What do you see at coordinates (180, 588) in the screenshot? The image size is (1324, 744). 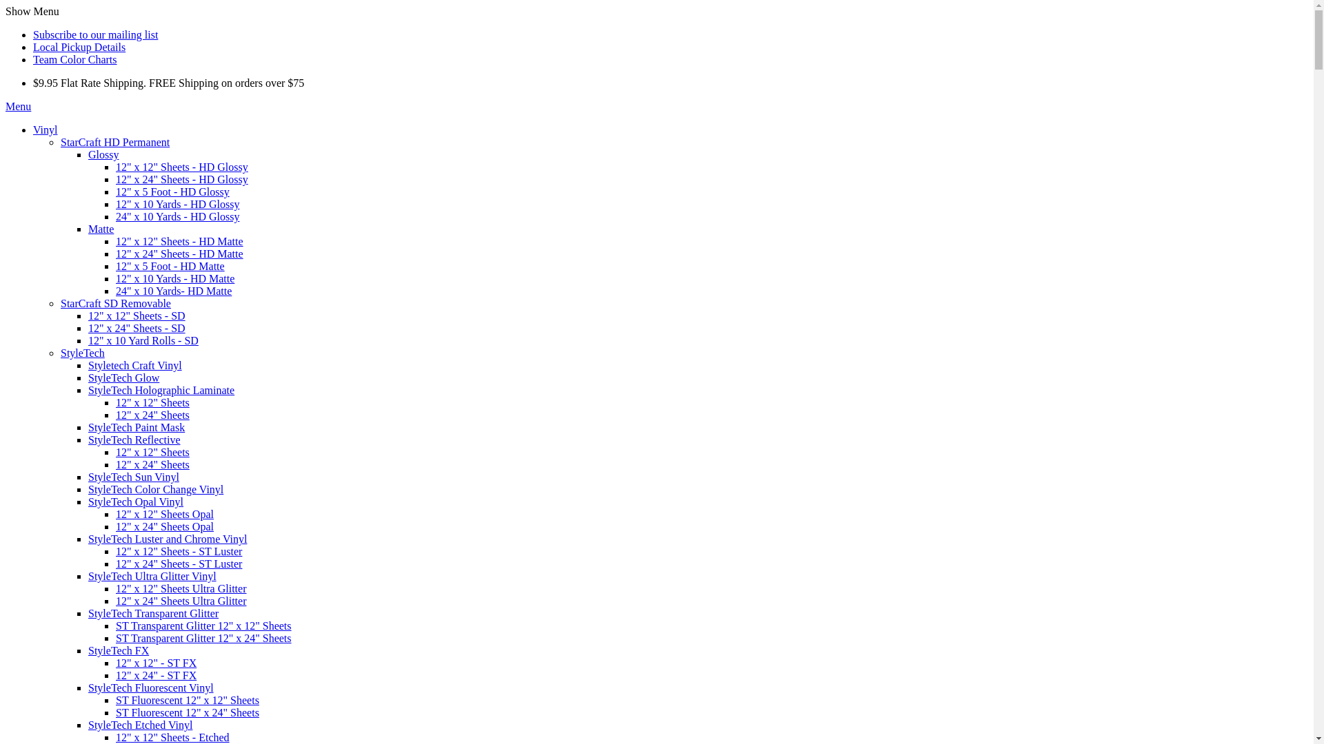 I see `'12" x 12" Sheets Ultra Glitter'` at bounding box center [180, 588].